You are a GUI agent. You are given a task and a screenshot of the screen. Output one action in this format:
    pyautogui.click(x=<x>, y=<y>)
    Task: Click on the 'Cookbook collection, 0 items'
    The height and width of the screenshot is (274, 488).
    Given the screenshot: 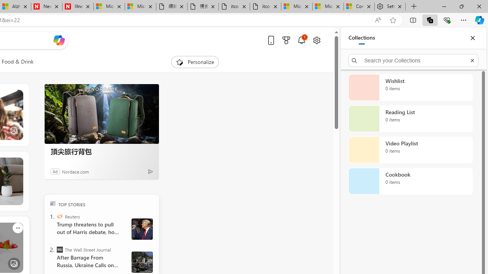 What is the action you would take?
    pyautogui.click(x=410, y=181)
    